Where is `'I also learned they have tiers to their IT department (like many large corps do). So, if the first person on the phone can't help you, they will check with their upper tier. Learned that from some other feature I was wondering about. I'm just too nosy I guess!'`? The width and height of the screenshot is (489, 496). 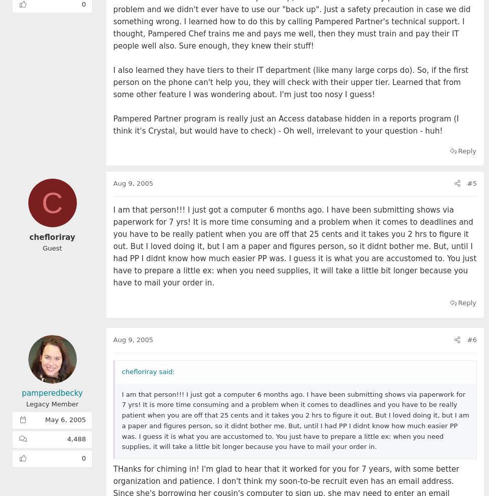
'I also learned they have tiers to their IT department (like many large corps do). So, if the first person on the phone can't help you, they will check with their upper tier. Learned that from some other feature I was wondering about. I'm just too nosy I guess!' is located at coordinates (112, 81).